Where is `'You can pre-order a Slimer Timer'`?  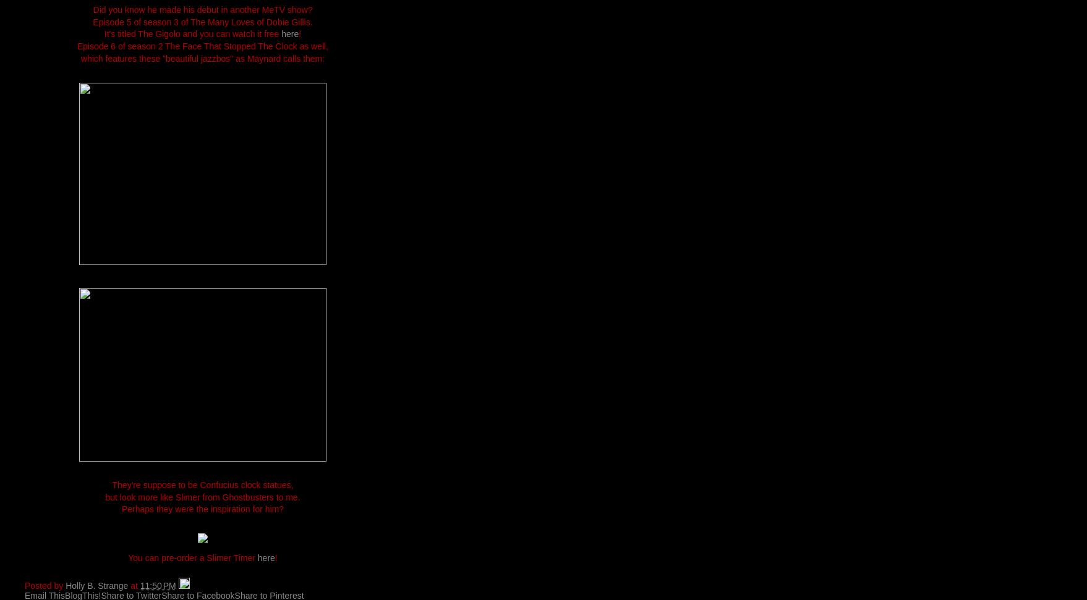
'You can pre-order a Slimer Timer' is located at coordinates (192, 557).